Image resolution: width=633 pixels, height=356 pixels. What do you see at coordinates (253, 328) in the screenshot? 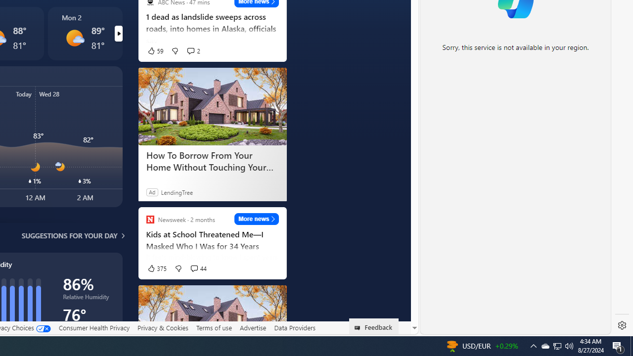
I see `'Advertise'` at bounding box center [253, 328].